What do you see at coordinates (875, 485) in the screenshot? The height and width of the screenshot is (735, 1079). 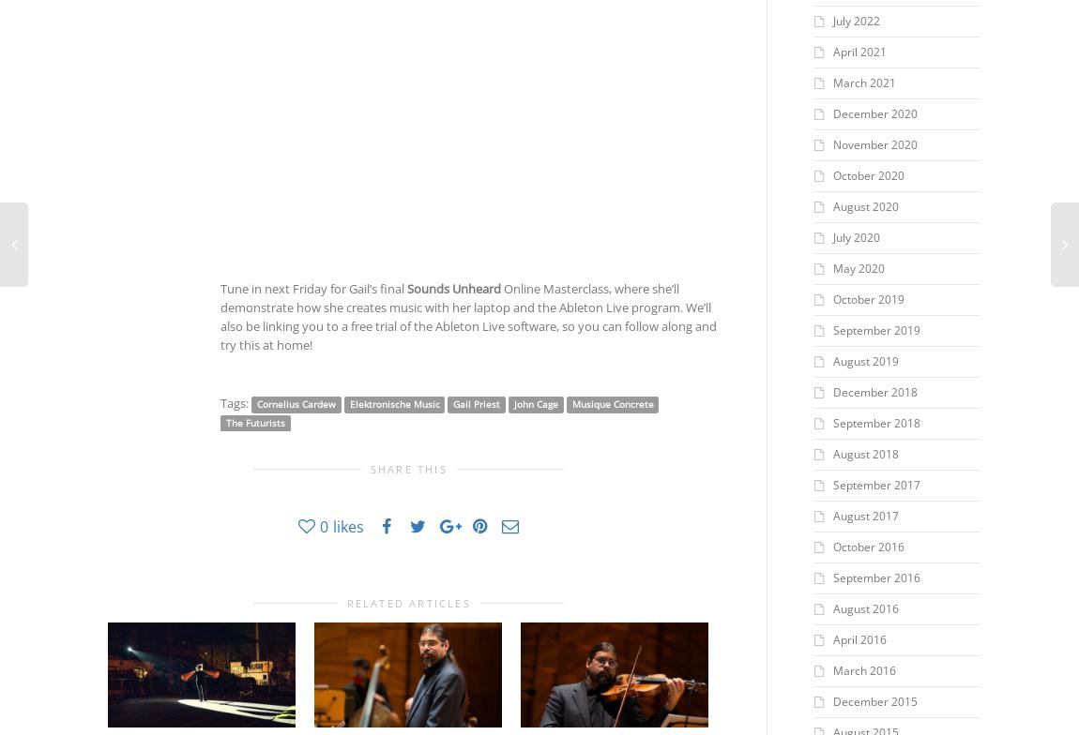 I see `'September 2017'` at bounding box center [875, 485].